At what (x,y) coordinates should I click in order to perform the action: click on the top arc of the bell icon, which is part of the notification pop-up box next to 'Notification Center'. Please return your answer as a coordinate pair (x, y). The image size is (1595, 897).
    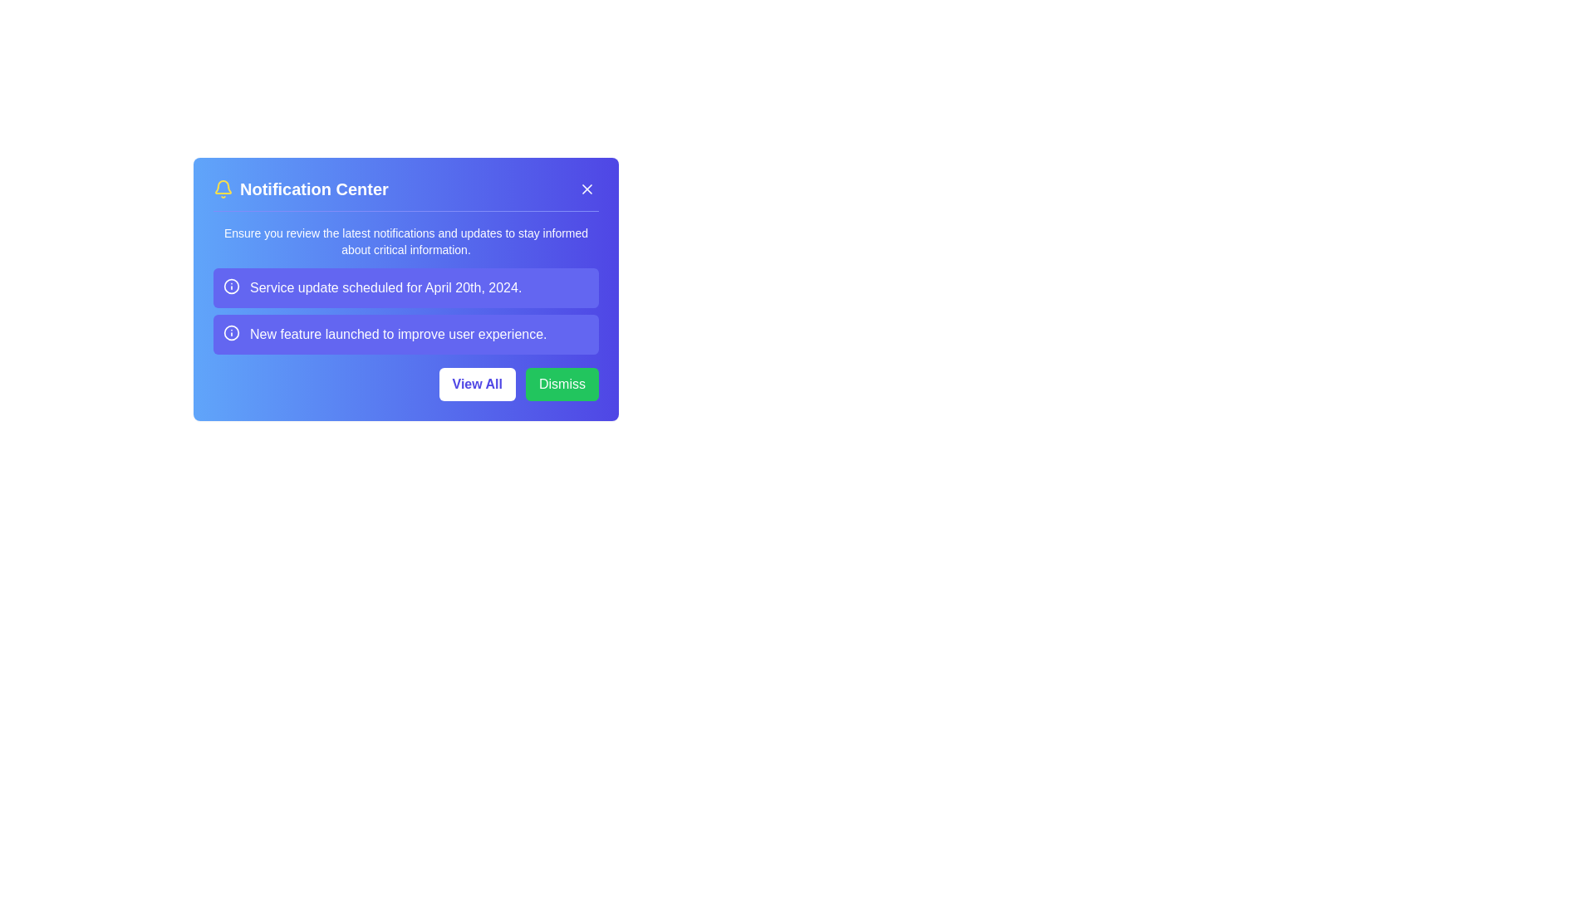
    Looking at the image, I should click on (222, 187).